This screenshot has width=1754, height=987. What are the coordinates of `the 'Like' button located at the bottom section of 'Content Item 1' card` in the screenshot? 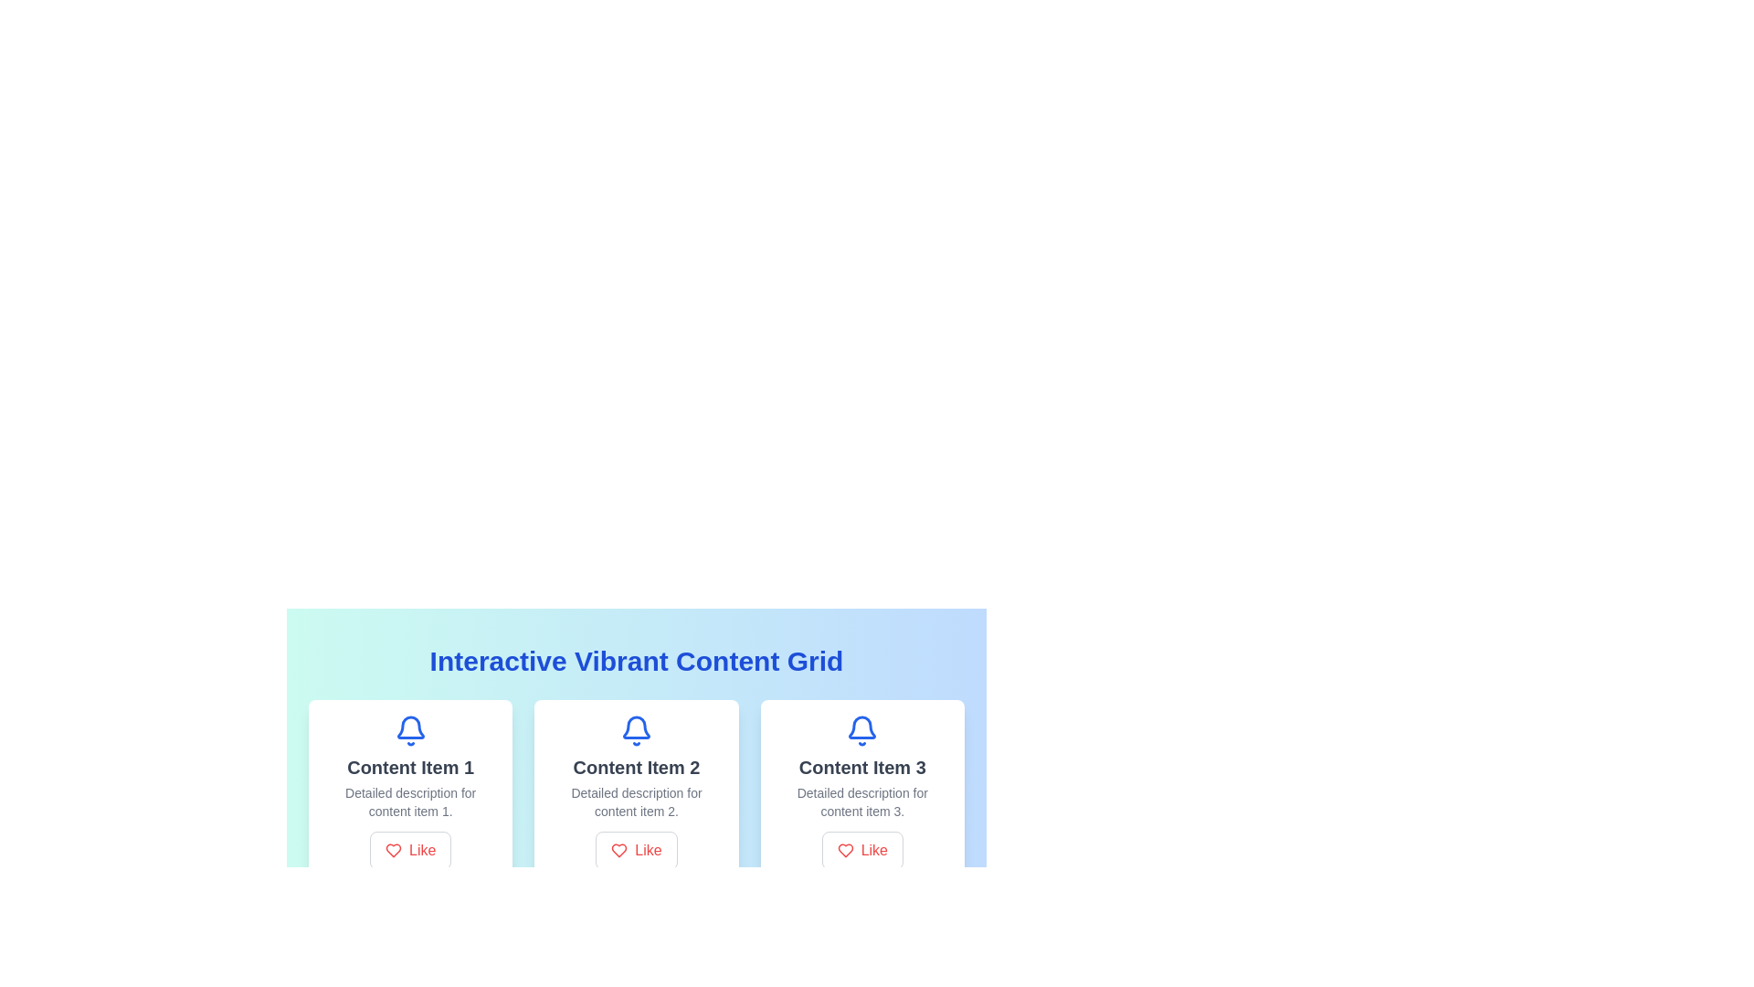 It's located at (409, 850).